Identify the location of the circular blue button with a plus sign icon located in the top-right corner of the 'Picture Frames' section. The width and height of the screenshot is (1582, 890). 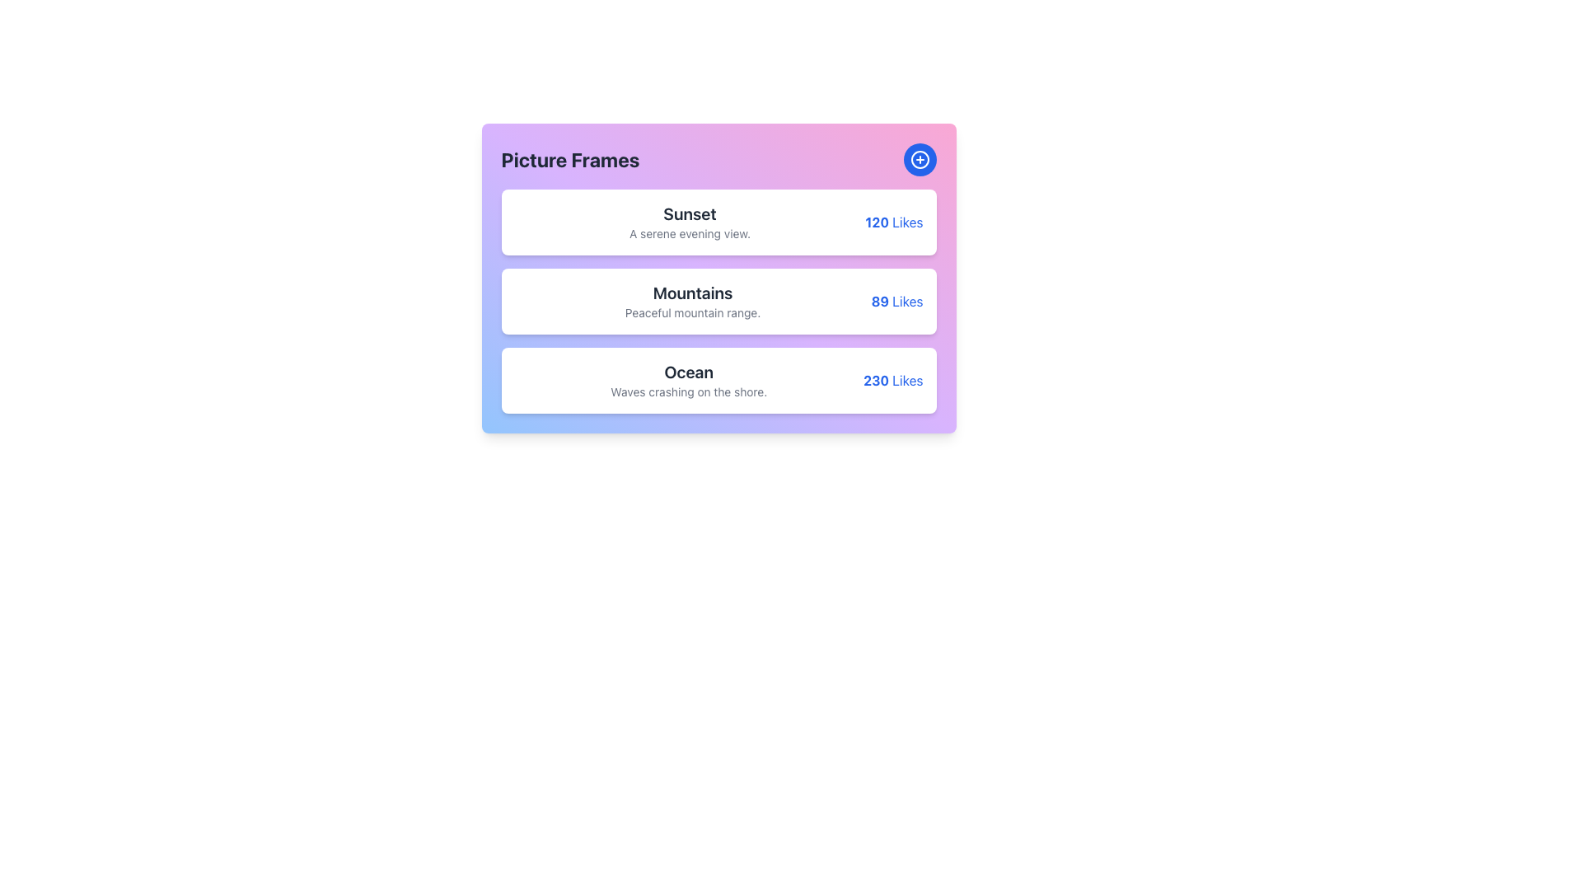
(919, 159).